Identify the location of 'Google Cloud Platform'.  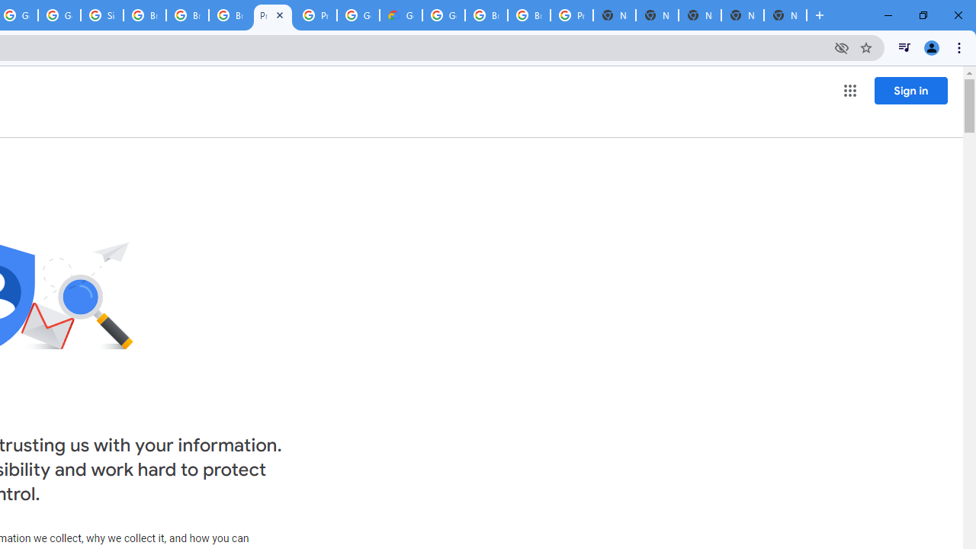
(357, 15).